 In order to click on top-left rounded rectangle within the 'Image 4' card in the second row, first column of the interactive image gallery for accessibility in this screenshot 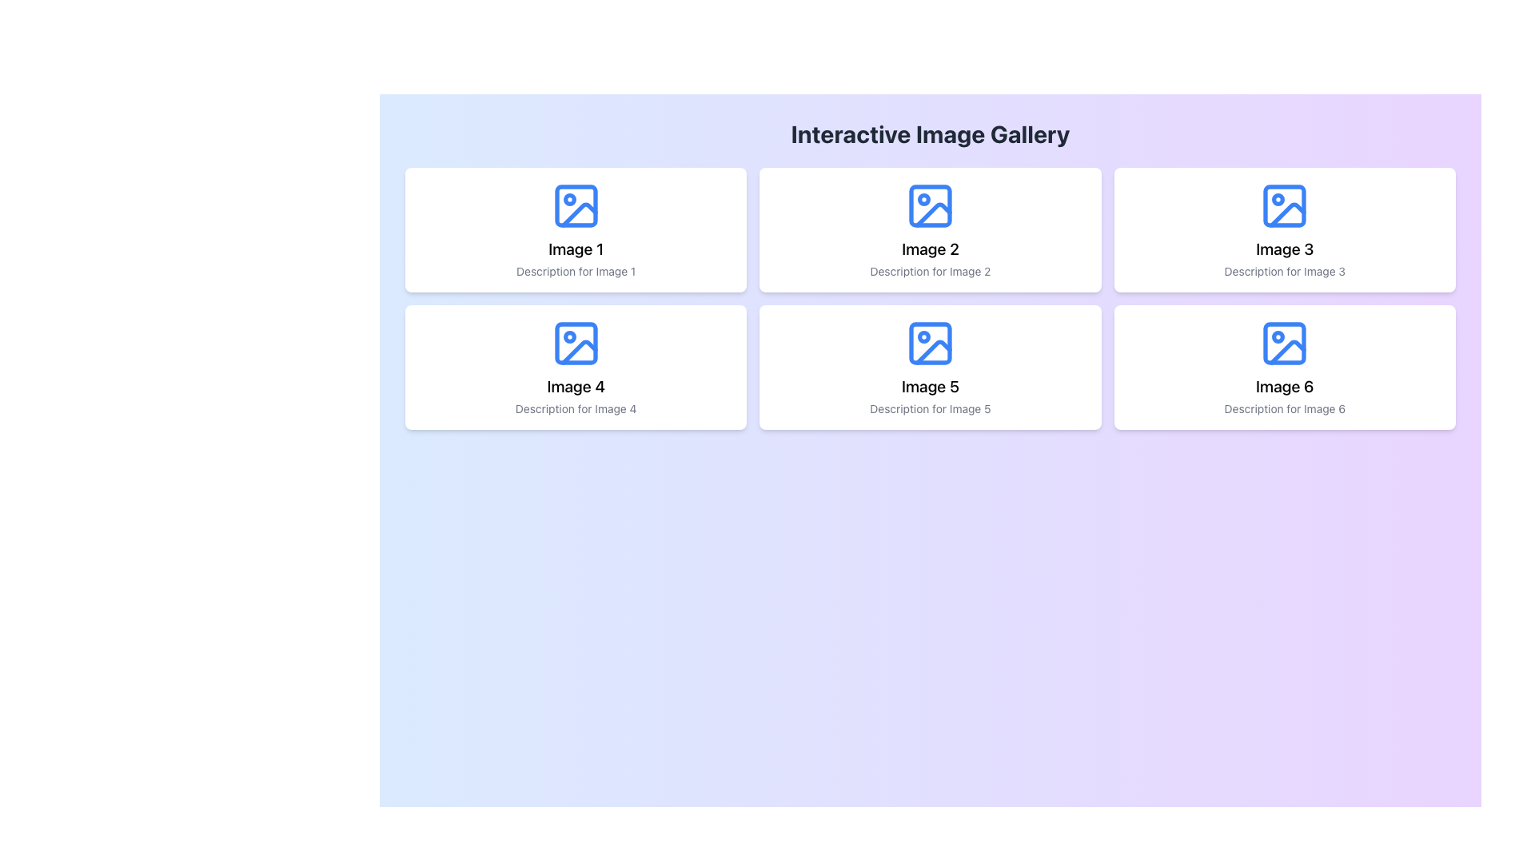, I will do `click(576, 342)`.